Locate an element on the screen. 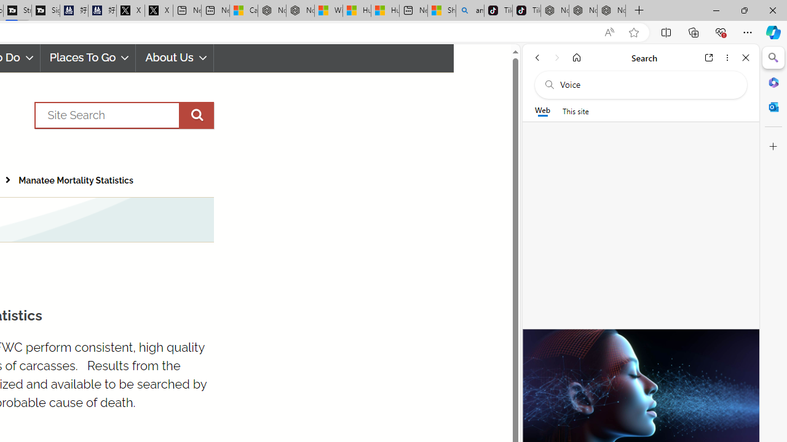  'About Us' is located at coordinates (174, 58).